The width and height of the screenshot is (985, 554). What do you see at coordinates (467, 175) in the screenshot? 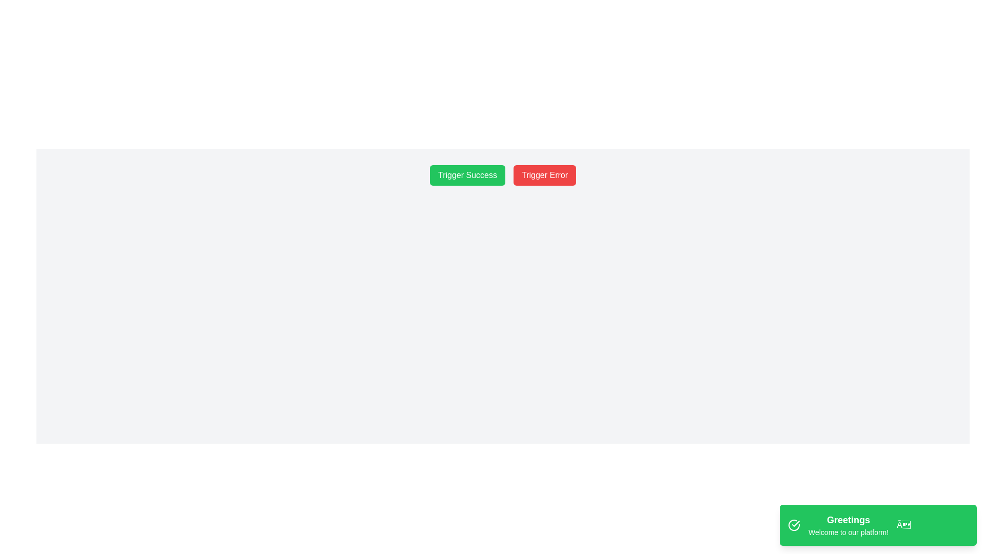
I see `the 'Trigger Success' button with a green background and white text for keyboard interactions` at bounding box center [467, 175].